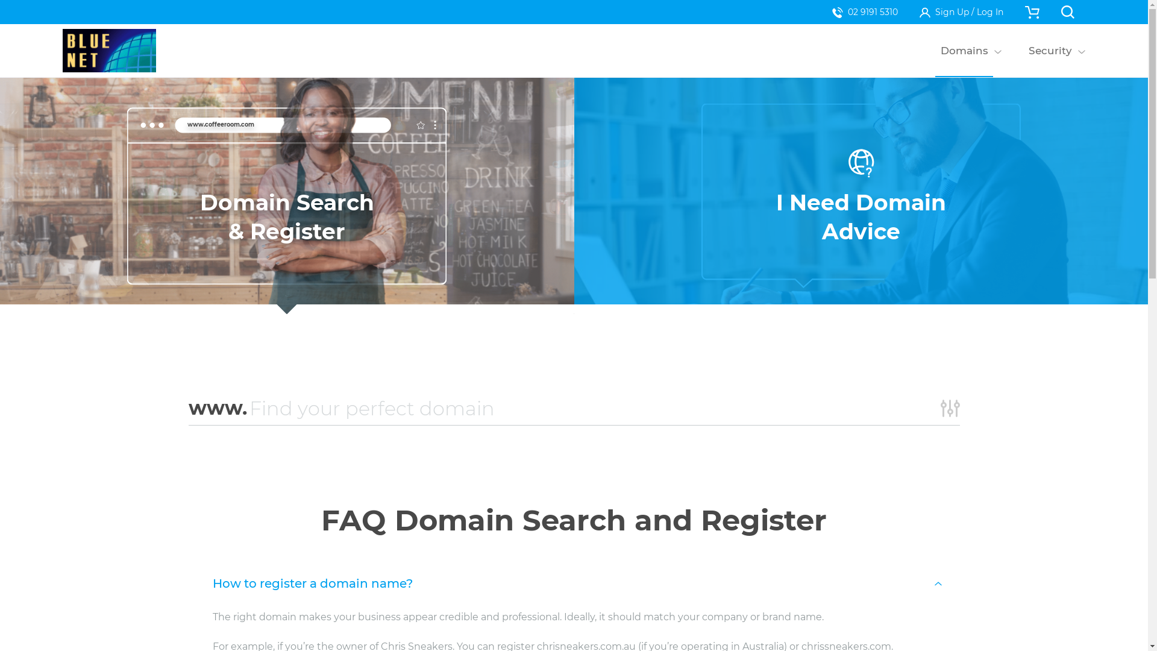 The height and width of the screenshot is (651, 1157). What do you see at coordinates (1049, 50) in the screenshot?
I see `'Security'` at bounding box center [1049, 50].